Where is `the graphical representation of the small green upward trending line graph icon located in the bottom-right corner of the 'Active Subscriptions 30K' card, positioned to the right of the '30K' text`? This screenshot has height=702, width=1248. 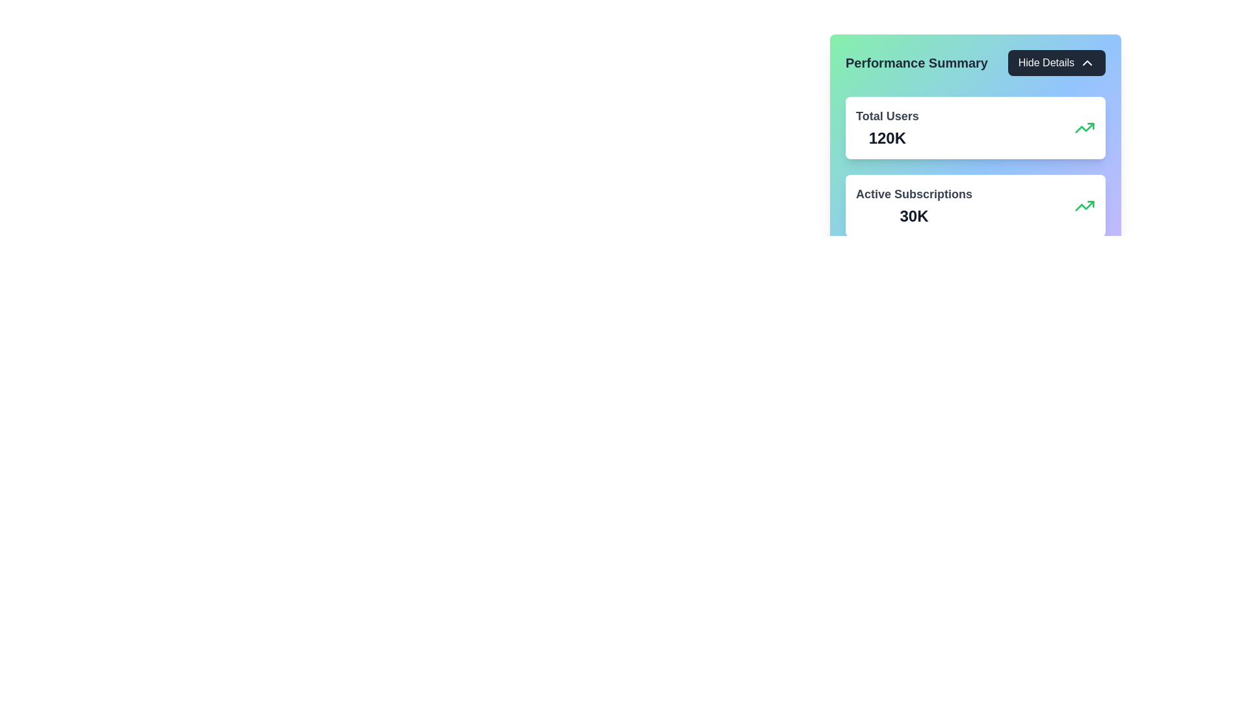
the graphical representation of the small green upward trending line graph icon located in the bottom-right corner of the 'Active Subscriptions 30K' card, positioned to the right of the '30K' text is located at coordinates (1085, 205).